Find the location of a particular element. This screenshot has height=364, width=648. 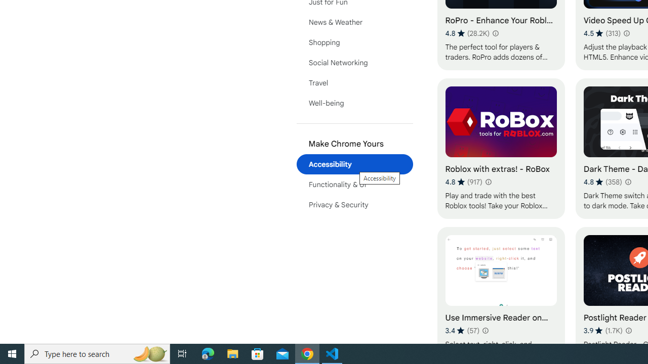

'Average rating 3.4 out of 5 stars. 57 ratings.' is located at coordinates (462, 330).